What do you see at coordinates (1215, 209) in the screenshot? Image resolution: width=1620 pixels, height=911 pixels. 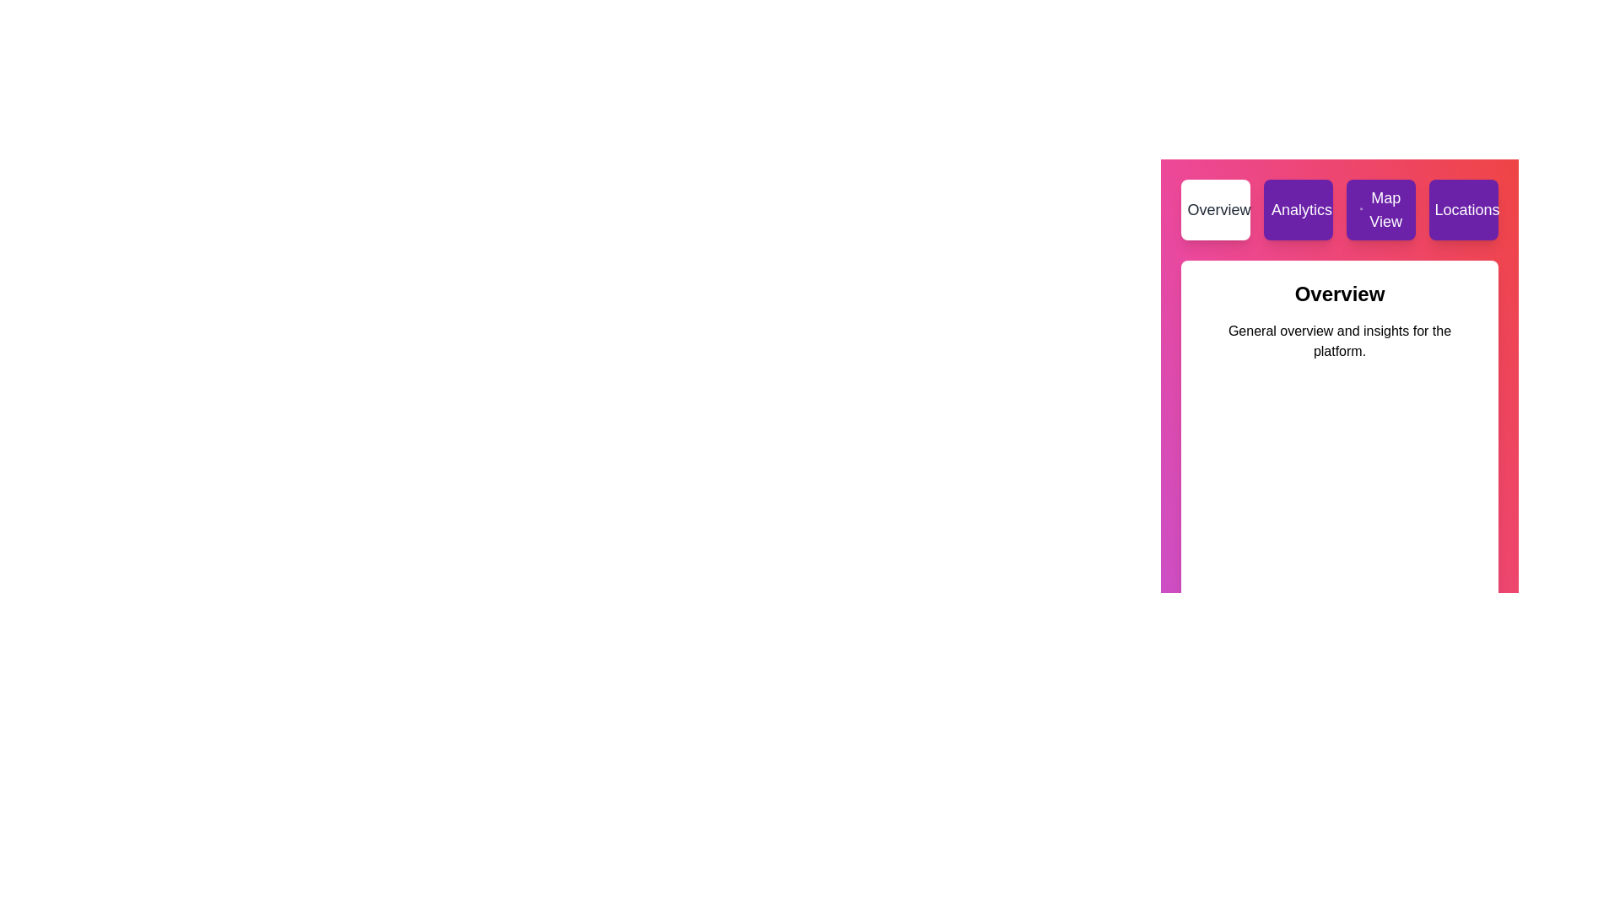 I see `the 'Overview' button` at bounding box center [1215, 209].